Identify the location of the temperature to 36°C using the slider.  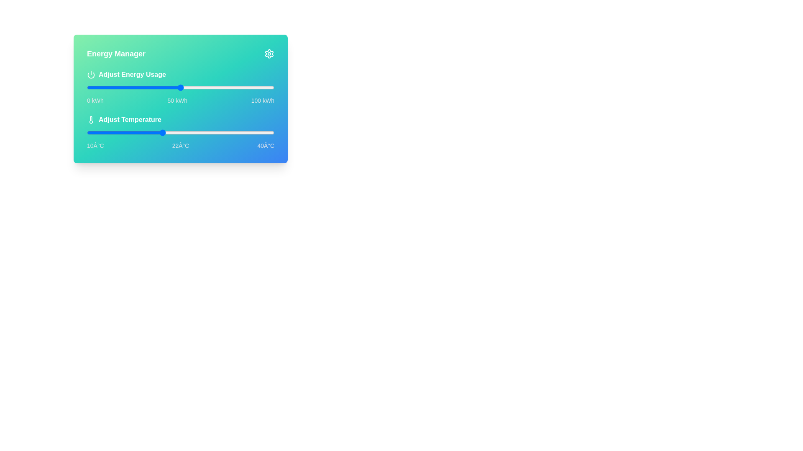
(249, 132).